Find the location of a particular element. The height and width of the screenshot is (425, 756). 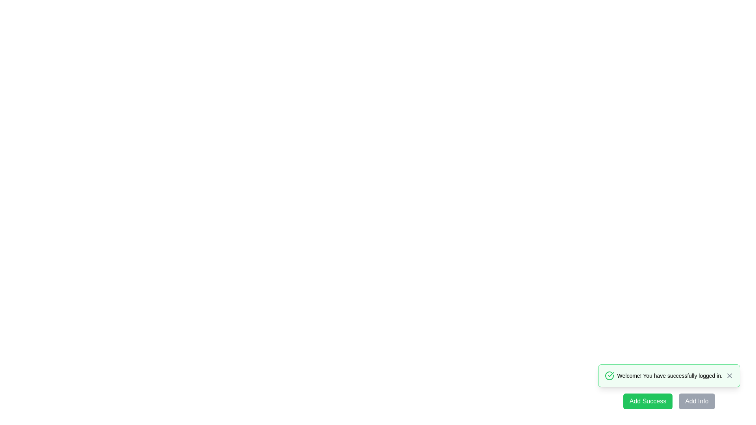

the circular green checkmark icon located at the left side of the notification banner that reads 'Welcome! You have successfully logged in.' is located at coordinates (609, 375).